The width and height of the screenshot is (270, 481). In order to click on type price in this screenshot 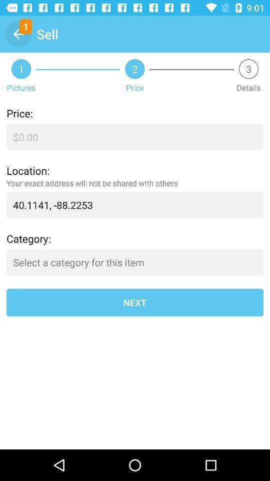, I will do `click(135, 136)`.